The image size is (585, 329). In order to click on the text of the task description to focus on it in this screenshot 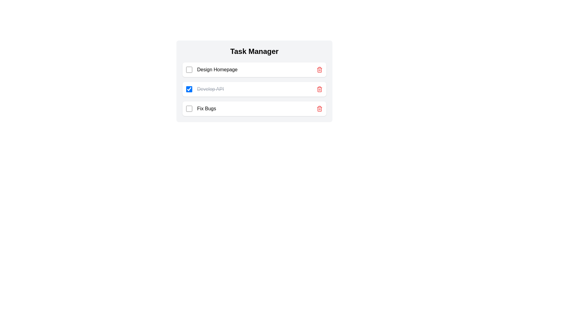, I will do `click(217, 69)`.